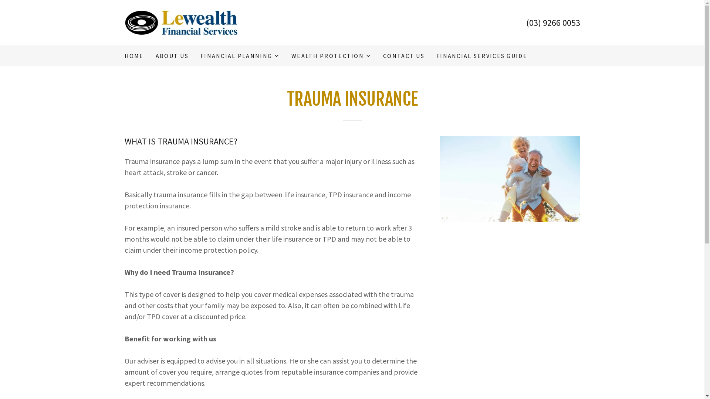 This screenshot has height=399, width=710. I want to click on 'HOME', so click(133, 55).